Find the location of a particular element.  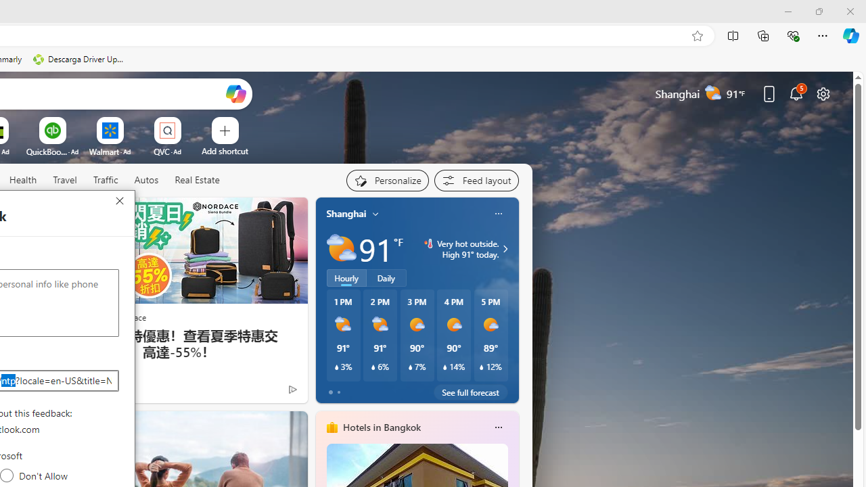

'My location' is located at coordinates (375, 213).